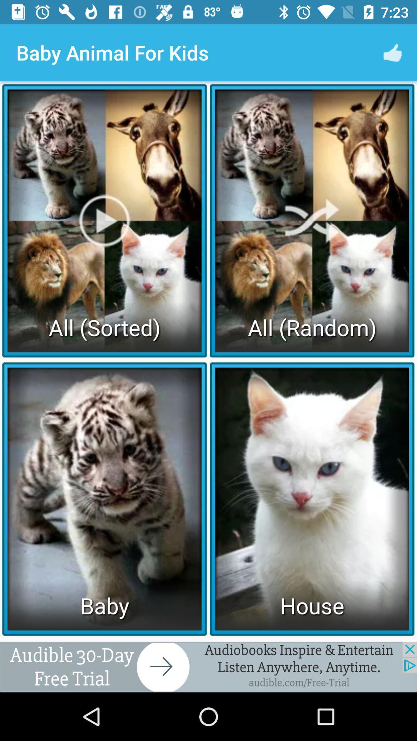 The width and height of the screenshot is (417, 741). Describe the element at coordinates (208, 667) in the screenshot. I see `next` at that location.